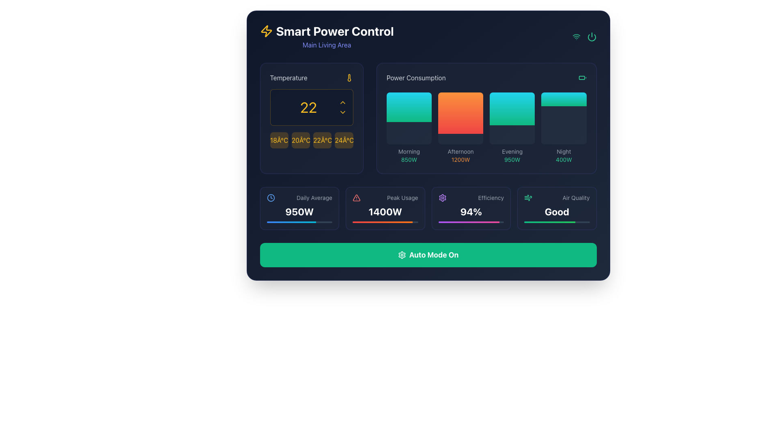  Describe the element at coordinates (385, 211) in the screenshot. I see `the '1400W' text display, which is prominently displayed in a large bold font styled in white against a dark blue background, located within the 'Peak Usage' section` at that location.